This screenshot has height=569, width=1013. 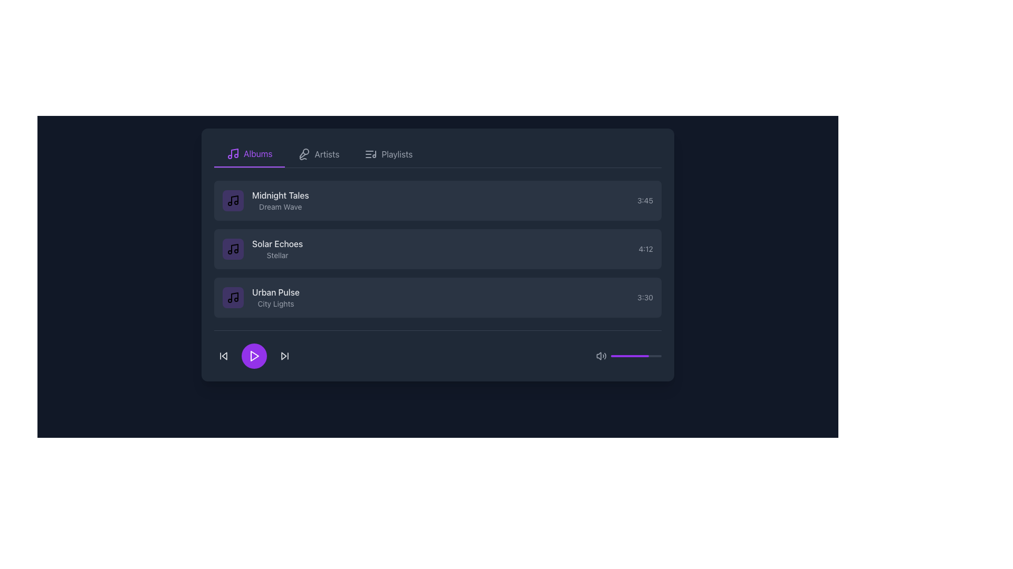 What do you see at coordinates (223, 356) in the screenshot?
I see `the skip back button, which is the first button on the left in the bottom row of player controls` at bounding box center [223, 356].